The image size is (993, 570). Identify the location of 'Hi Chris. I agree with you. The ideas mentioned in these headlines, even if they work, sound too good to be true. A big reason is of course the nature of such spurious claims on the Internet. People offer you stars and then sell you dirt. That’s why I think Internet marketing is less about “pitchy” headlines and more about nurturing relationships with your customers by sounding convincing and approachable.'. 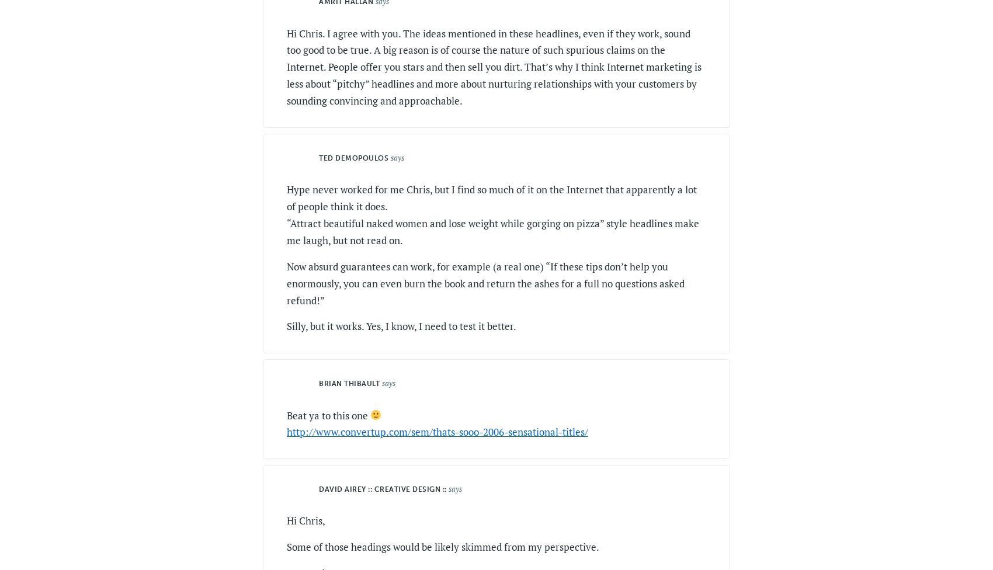
(493, 67).